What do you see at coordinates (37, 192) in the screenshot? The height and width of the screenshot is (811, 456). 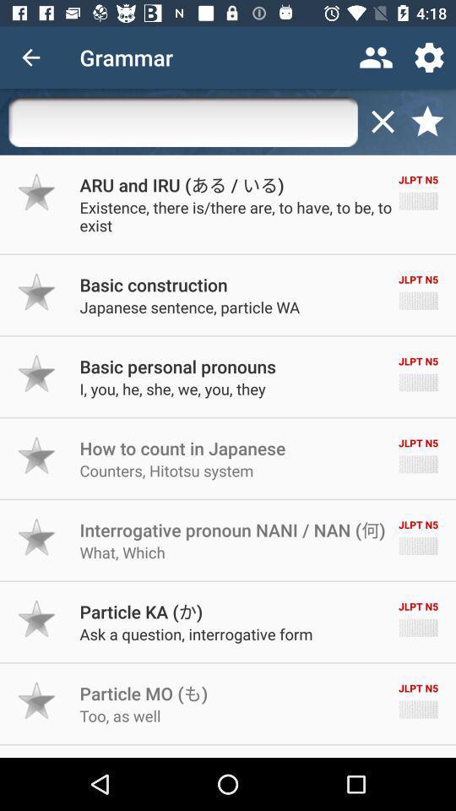 I see `mark as favorite` at bounding box center [37, 192].